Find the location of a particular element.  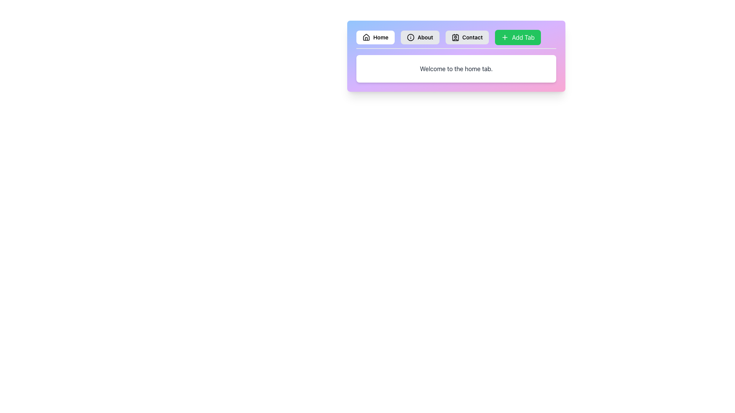

the rounded rectangle 'Contact' icon in the top navigation bar, which is red and has a width and height of 18 pixels is located at coordinates (455, 37).